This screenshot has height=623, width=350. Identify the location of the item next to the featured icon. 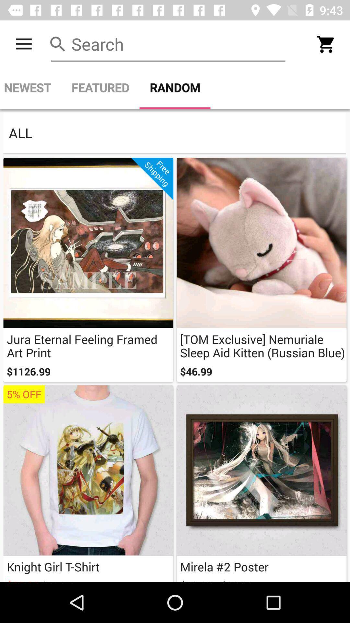
(30, 87).